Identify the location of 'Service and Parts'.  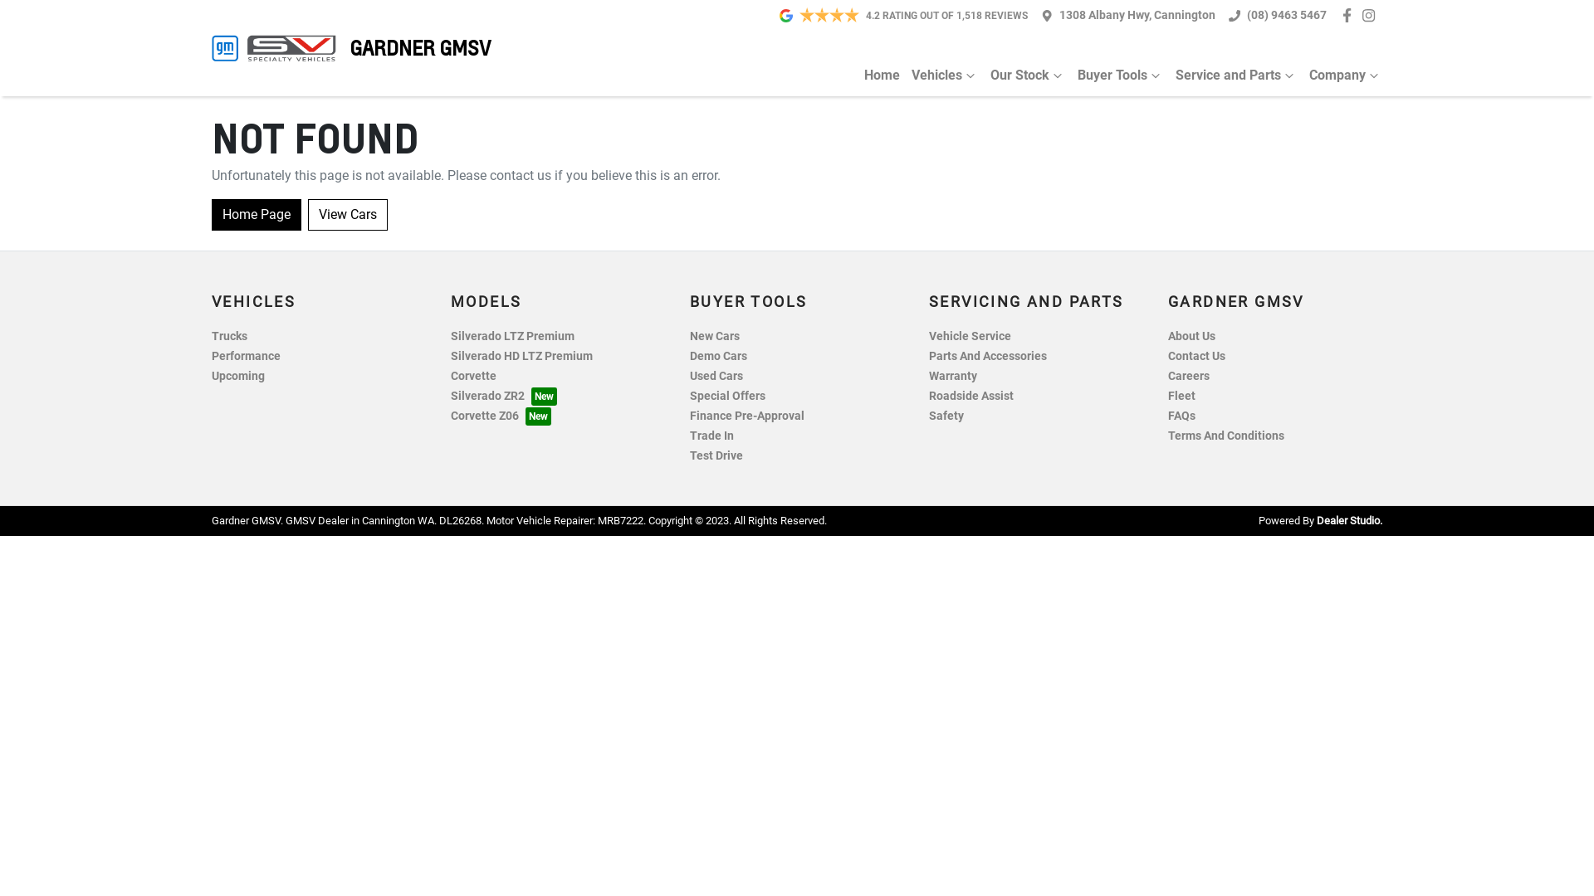
(1230, 75).